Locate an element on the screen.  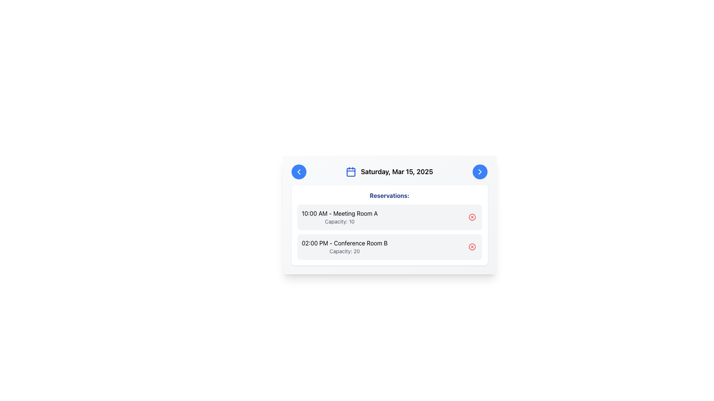
the circular button with a blue background and white text, which features a left-pointing arrow icon is located at coordinates (299, 172).